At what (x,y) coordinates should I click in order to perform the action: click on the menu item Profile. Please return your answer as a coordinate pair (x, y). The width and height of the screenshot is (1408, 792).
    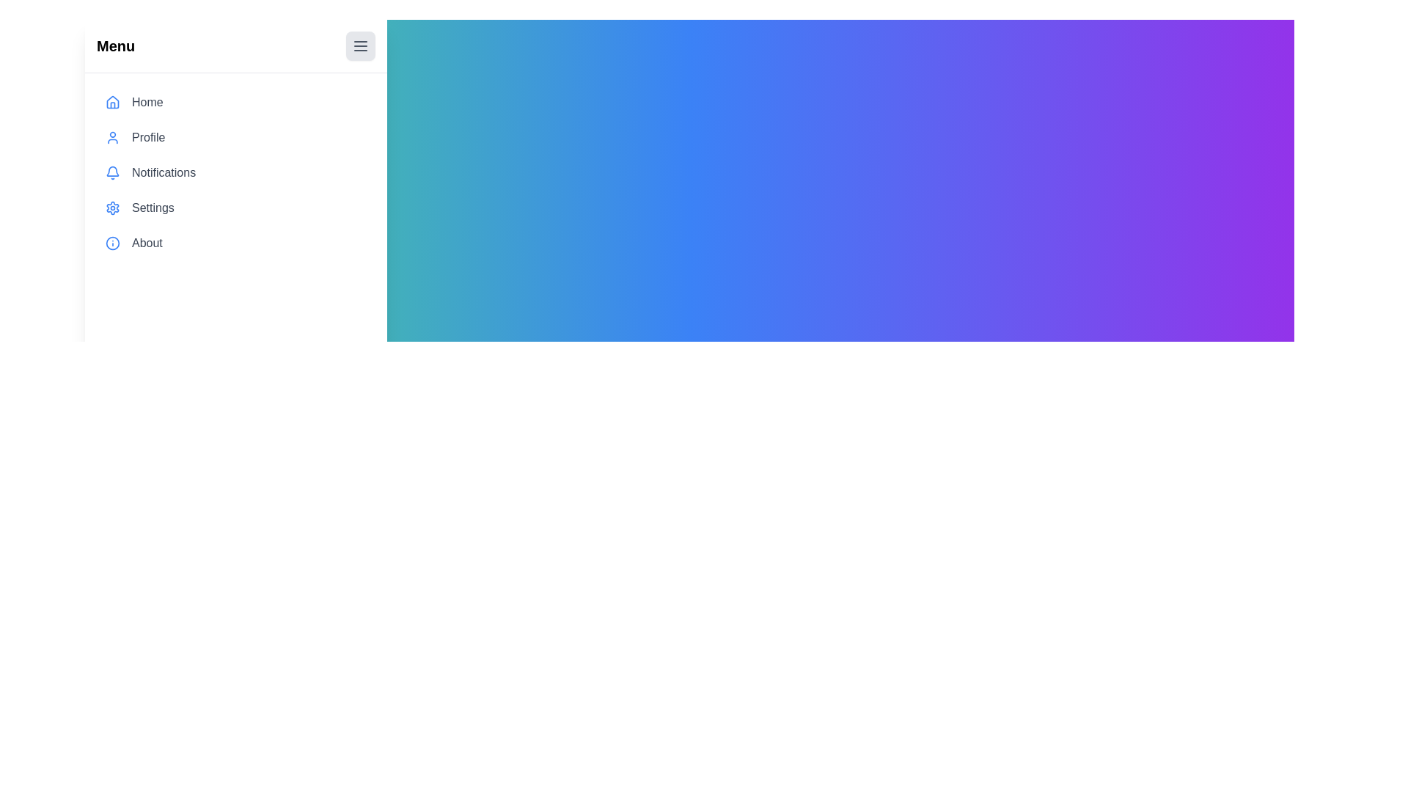
    Looking at the image, I should click on (236, 138).